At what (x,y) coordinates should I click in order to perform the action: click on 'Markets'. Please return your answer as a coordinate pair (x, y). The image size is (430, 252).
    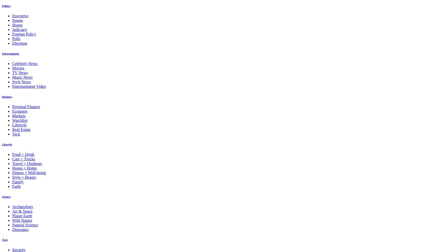
    Looking at the image, I should click on (19, 116).